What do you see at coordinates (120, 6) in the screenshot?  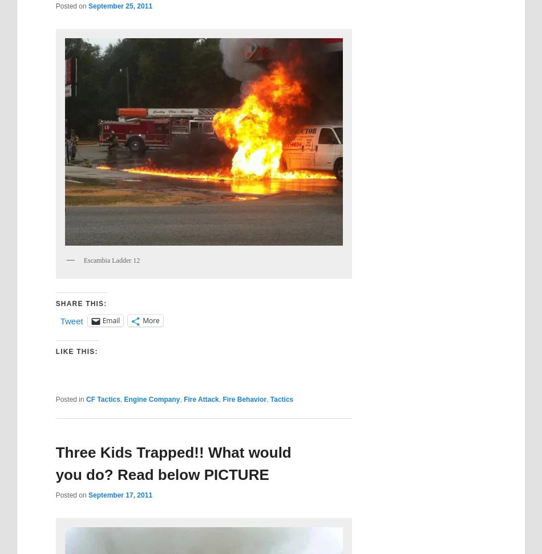 I see `'September 25, 2011'` at bounding box center [120, 6].